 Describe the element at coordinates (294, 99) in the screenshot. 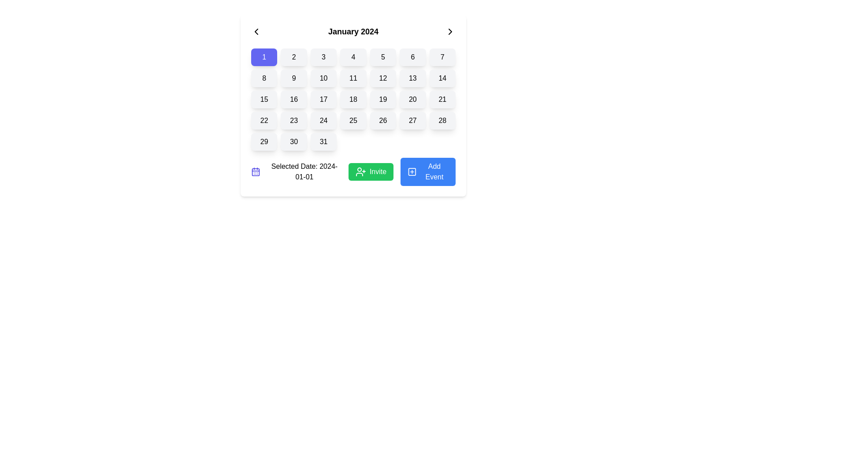

I see `the interactive button representing the number '16' in the calendar grid` at that location.